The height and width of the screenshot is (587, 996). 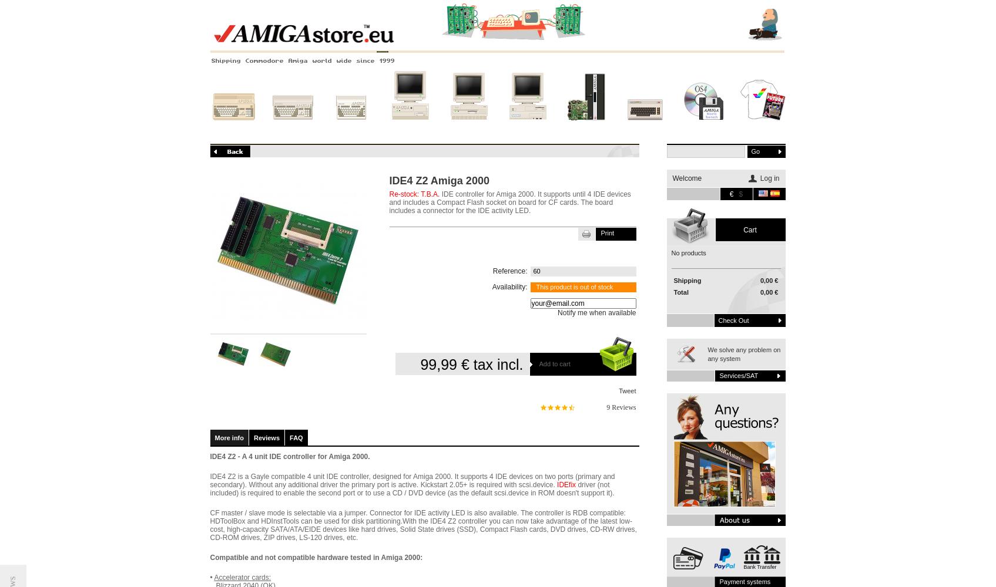 I want to click on 'Reference:', so click(x=509, y=271).